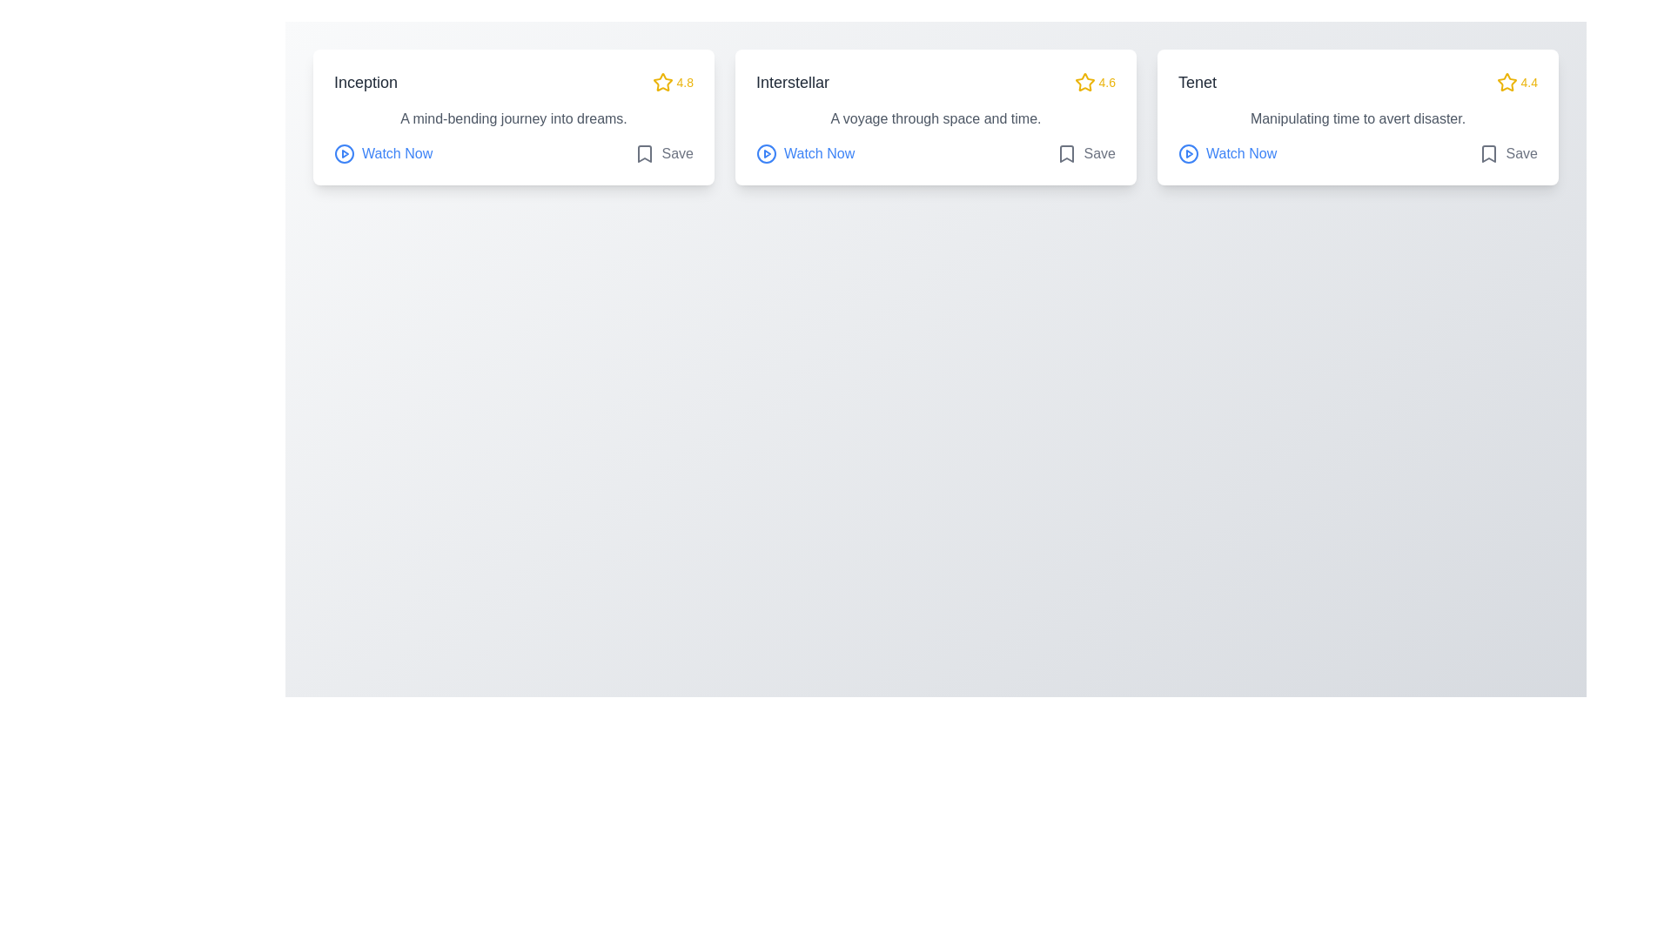 The image size is (1671, 940). Describe the element at coordinates (661, 83) in the screenshot. I see `the static decorative rating icon positioned in the top-right corner of the card titled 'Inception', which aligns with the numeric rating '4.8'` at that location.